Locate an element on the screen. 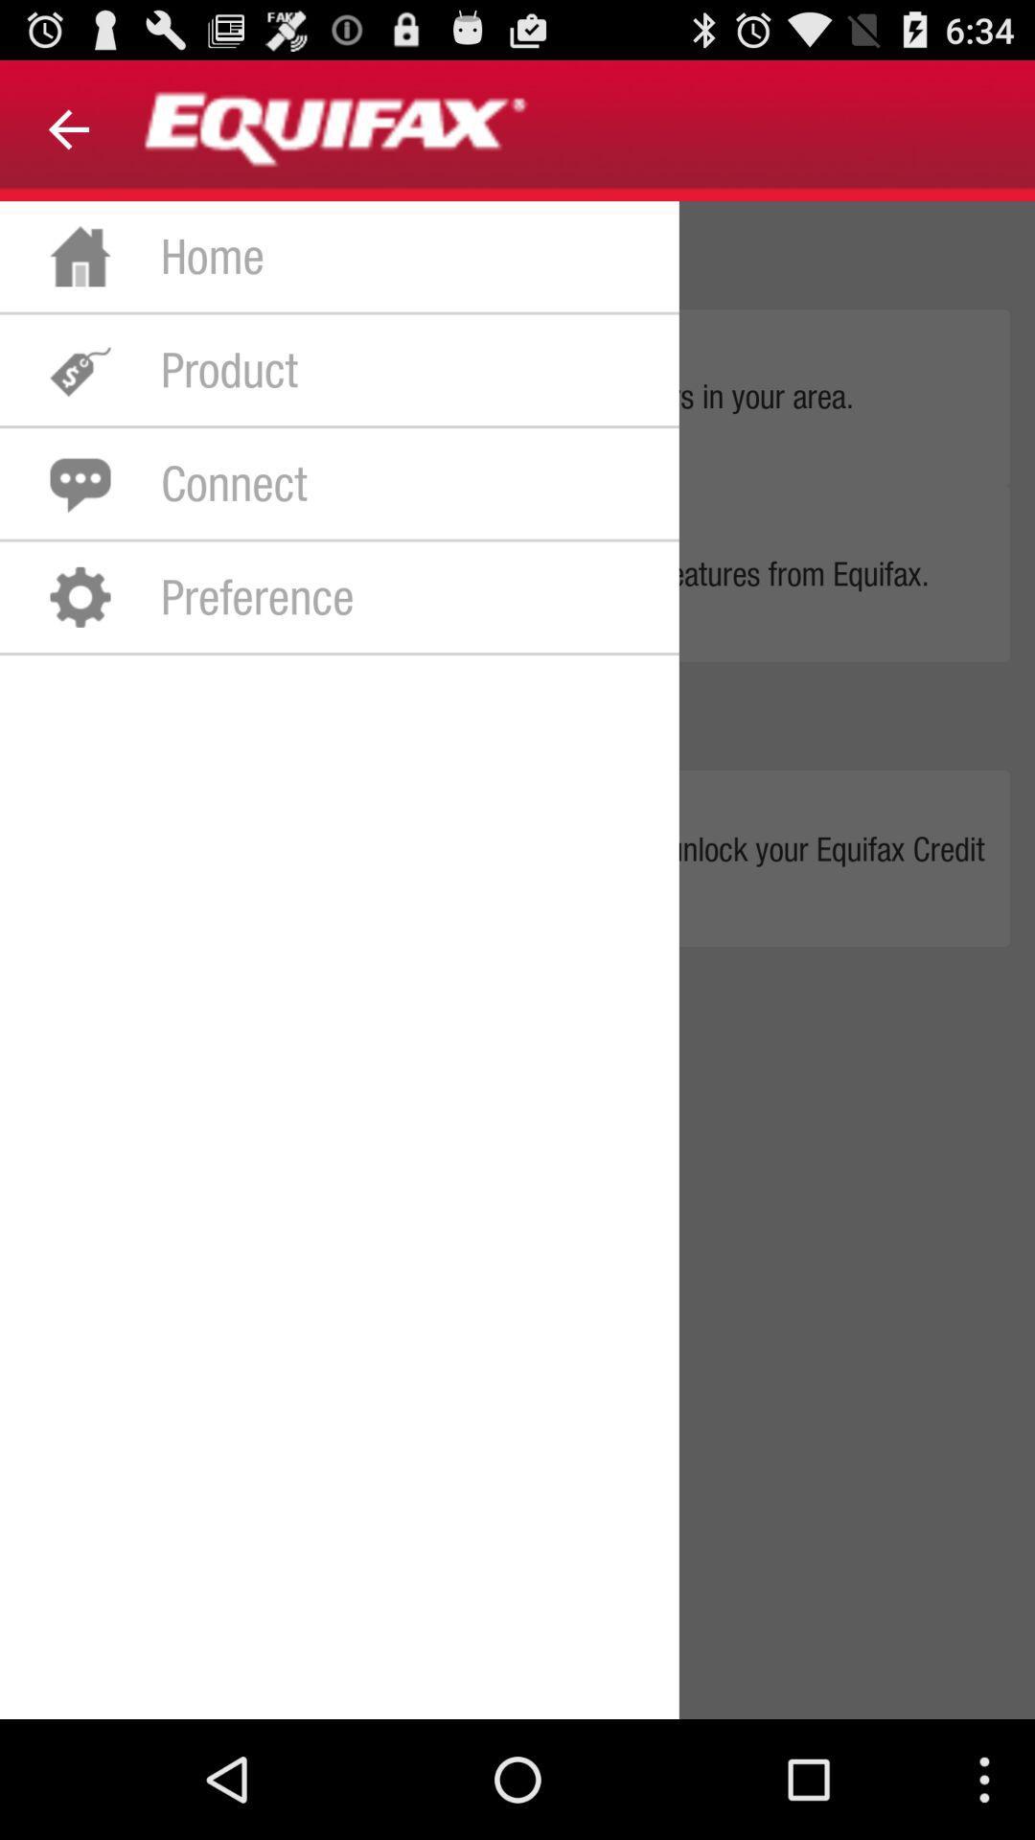 The image size is (1035, 1840). the box which is beside home is located at coordinates (80, 255).